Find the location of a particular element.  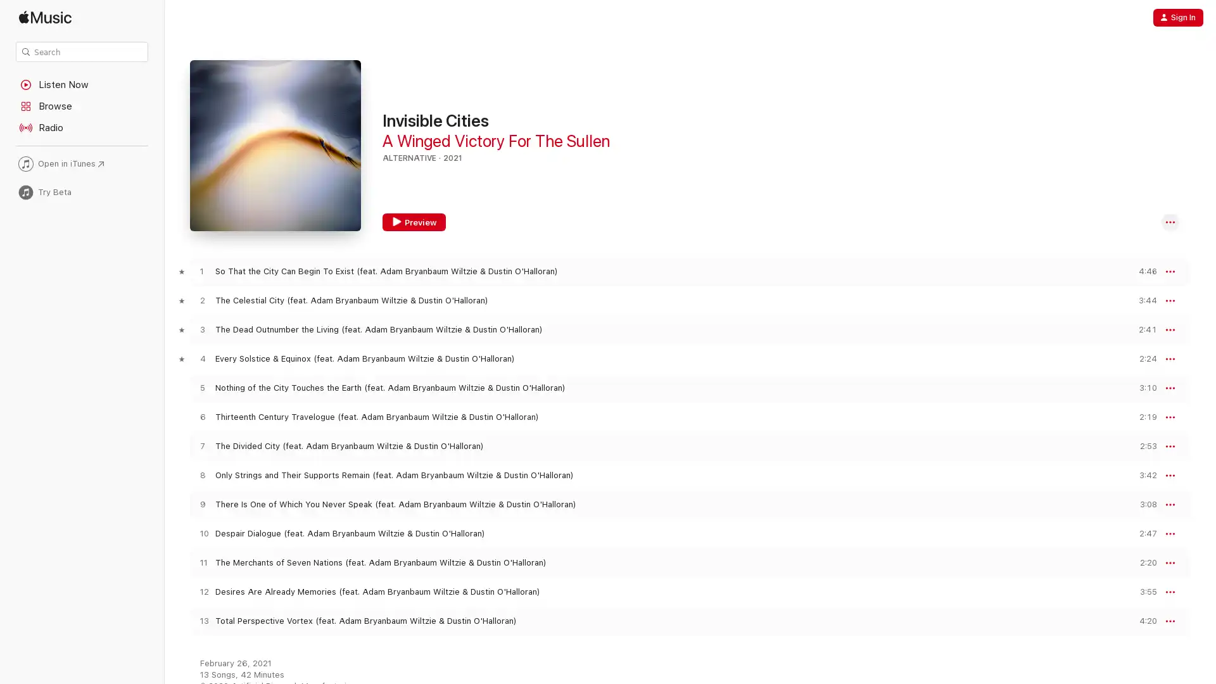

Preview is located at coordinates (1143, 562).